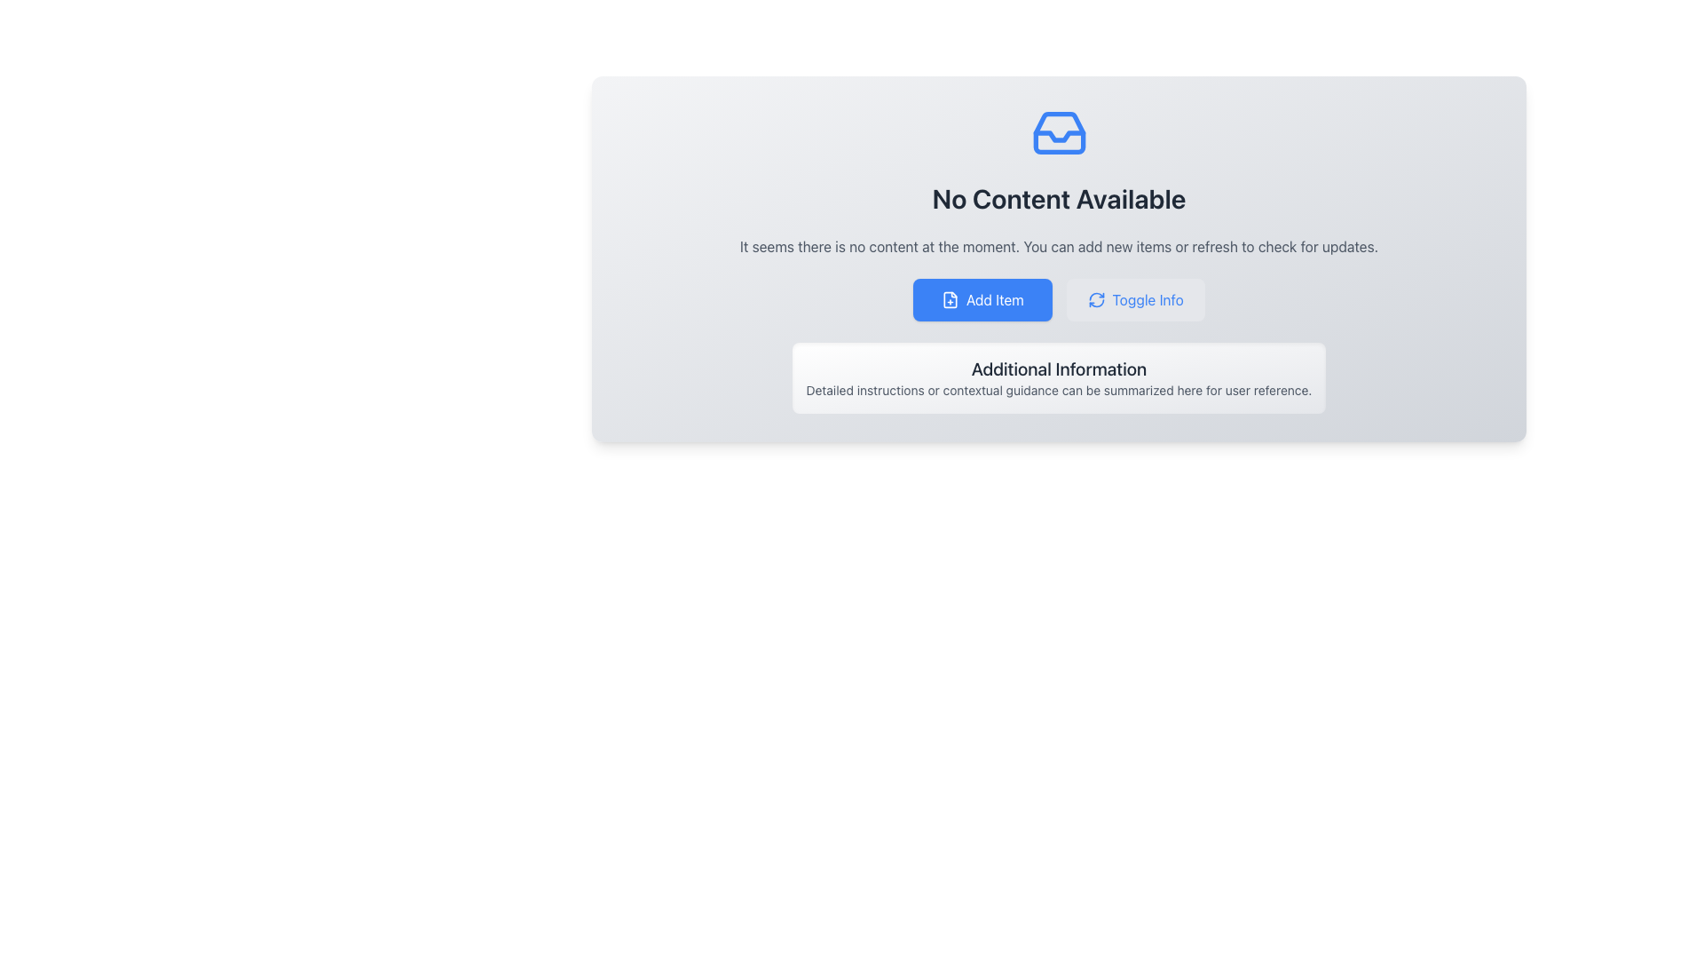 This screenshot has width=1704, height=959. What do you see at coordinates (1059, 376) in the screenshot?
I see `information displayed in the 'Additional Information' section, which has a gradient background and contains two lines of text, including a bold header and a description` at bounding box center [1059, 376].